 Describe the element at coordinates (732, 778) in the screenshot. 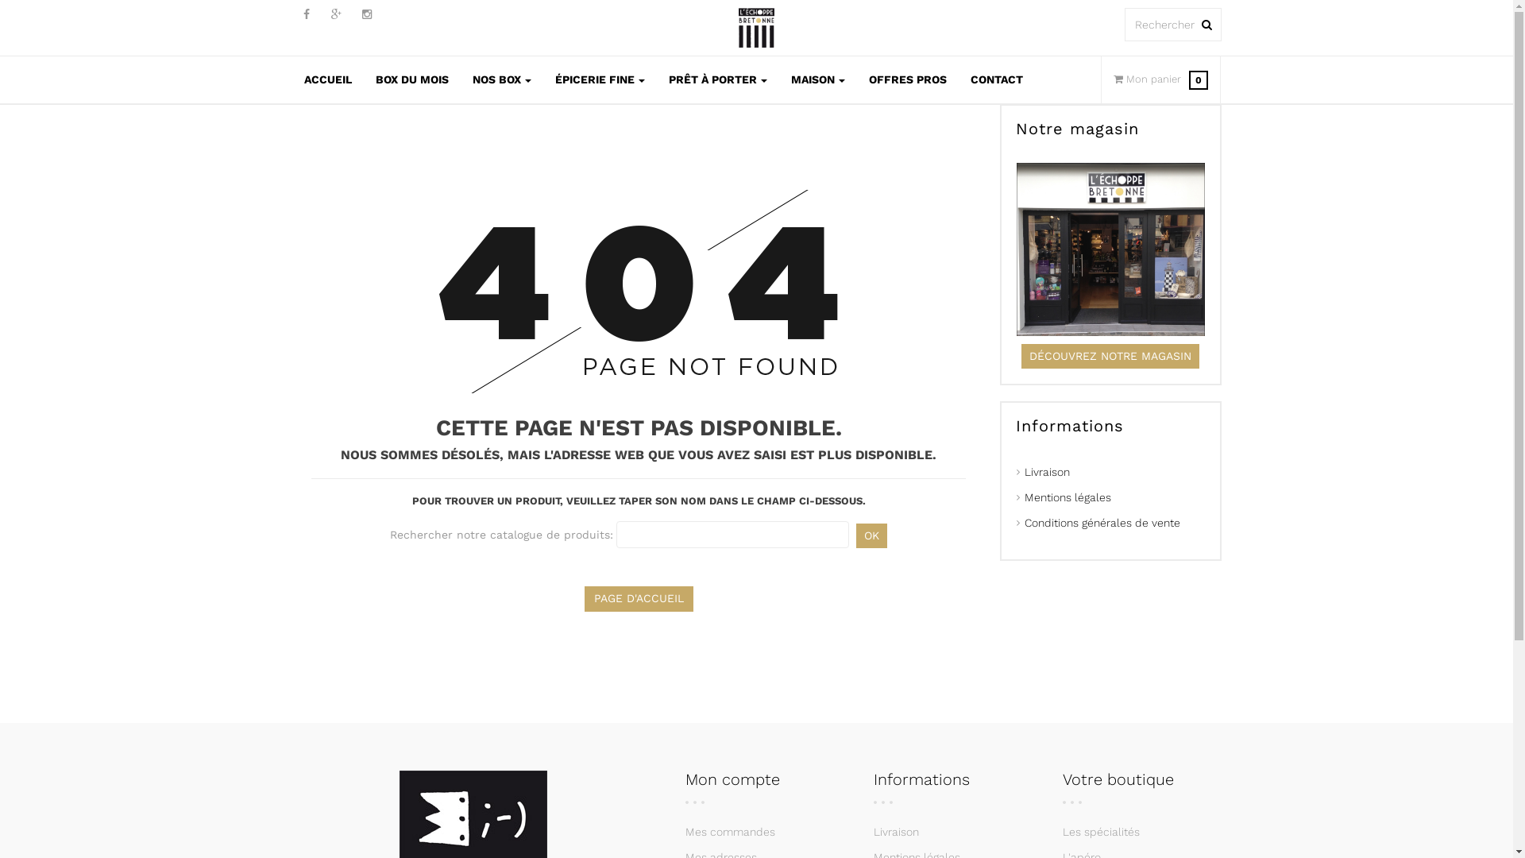

I see `'Mon compte'` at that location.